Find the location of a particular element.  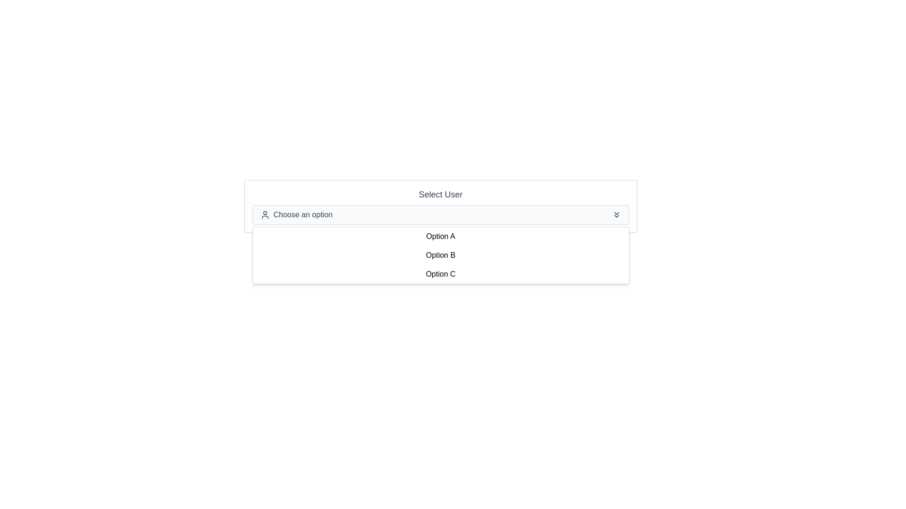

the third item in the dropdown list, which displays 'Option C' in black font against a white background is located at coordinates (440, 274).